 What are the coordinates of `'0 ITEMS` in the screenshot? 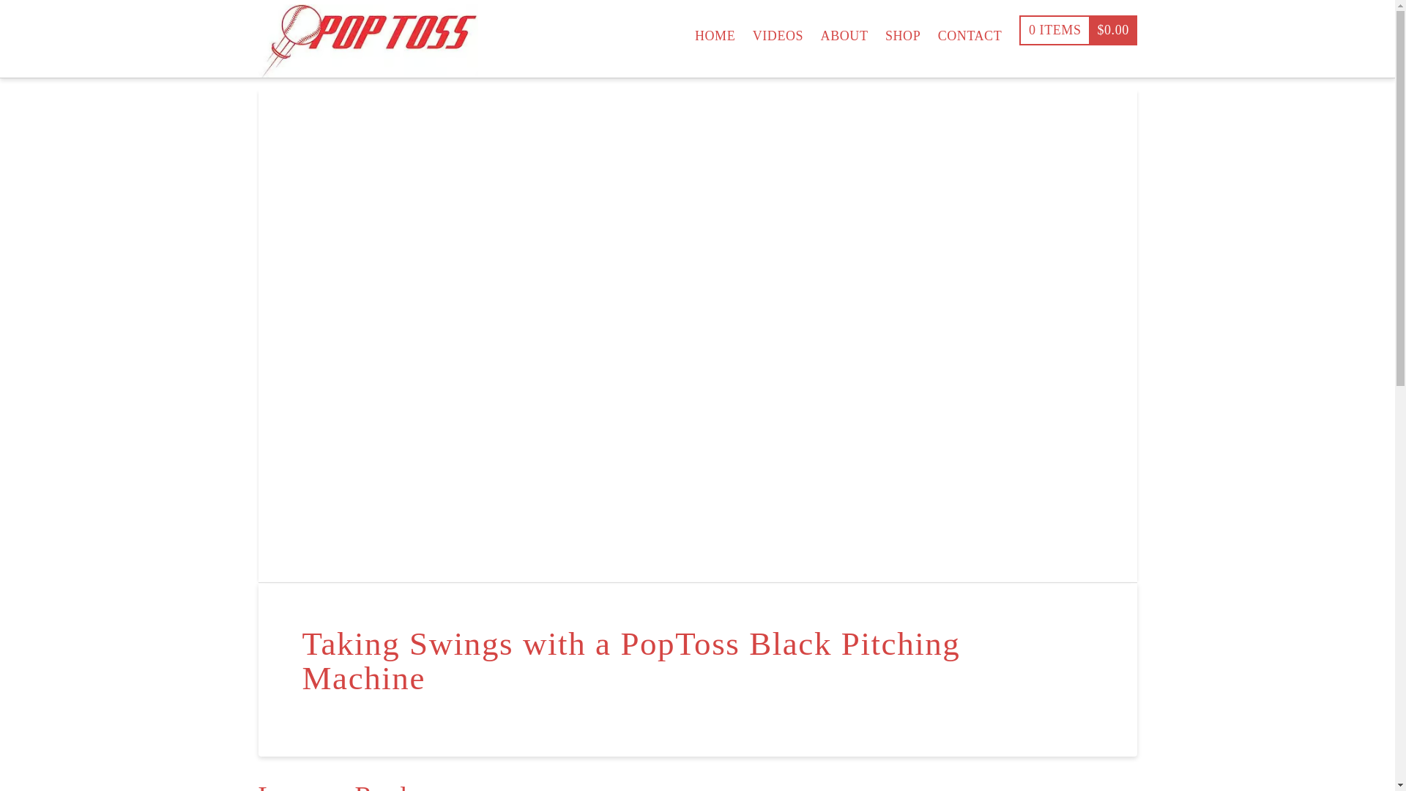 It's located at (1019, 29).